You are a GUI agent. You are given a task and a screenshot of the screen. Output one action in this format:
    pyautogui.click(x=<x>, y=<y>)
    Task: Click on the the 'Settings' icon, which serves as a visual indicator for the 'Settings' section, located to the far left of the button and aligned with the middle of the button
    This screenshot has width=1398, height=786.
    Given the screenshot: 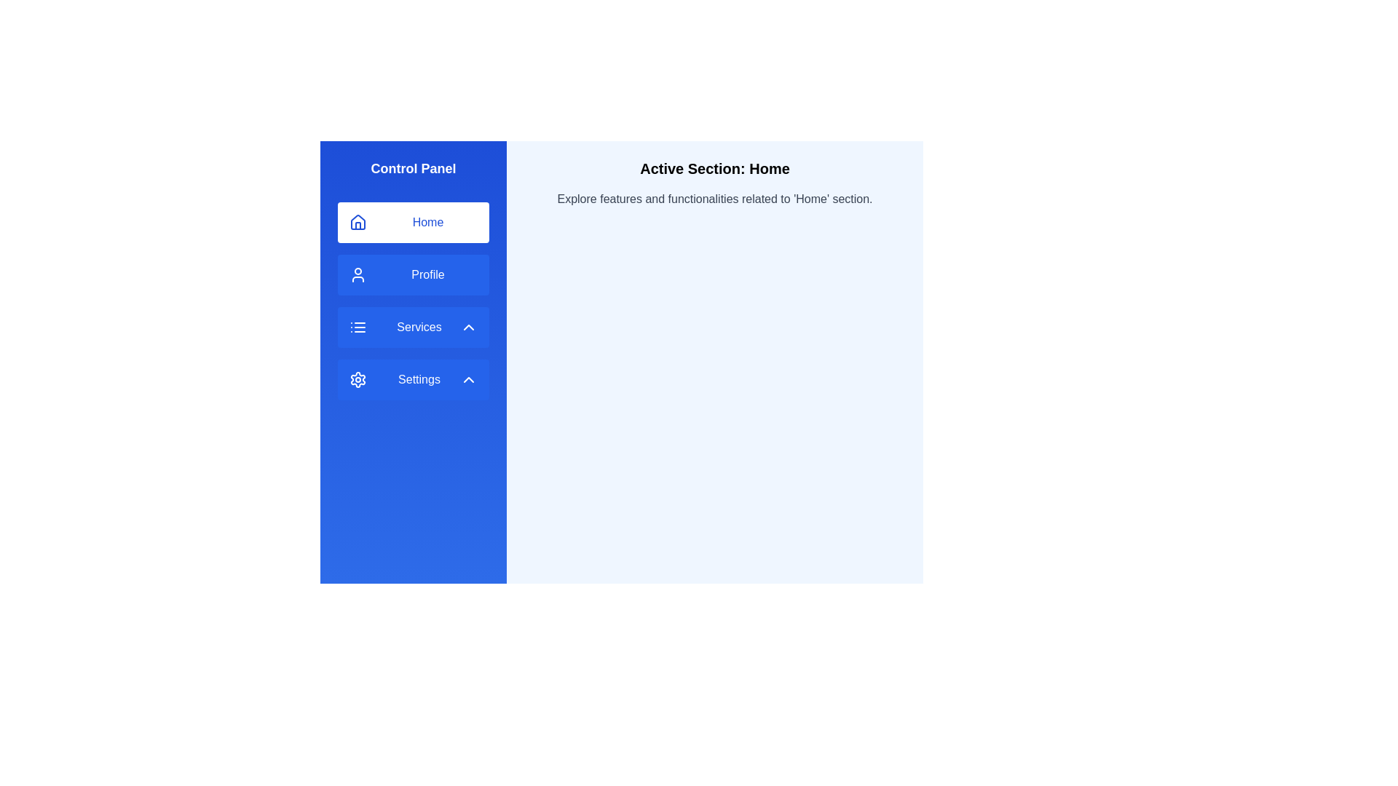 What is the action you would take?
    pyautogui.click(x=358, y=378)
    